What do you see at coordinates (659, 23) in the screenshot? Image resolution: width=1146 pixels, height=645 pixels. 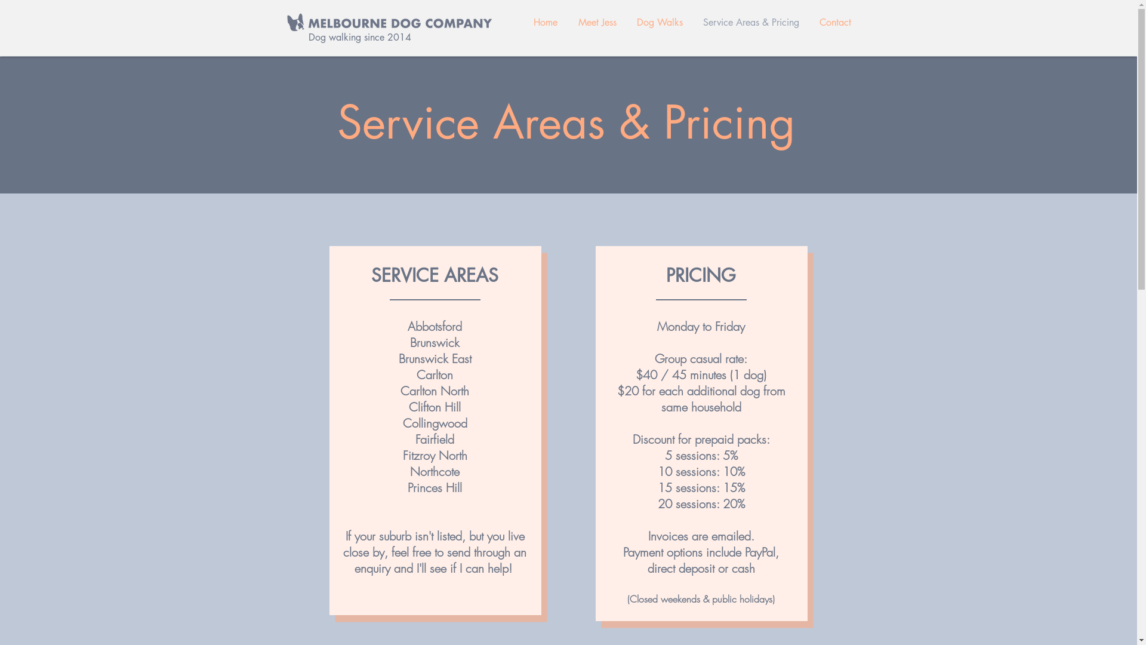 I see `'Dog Walks'` at bounding box center [659, 23].